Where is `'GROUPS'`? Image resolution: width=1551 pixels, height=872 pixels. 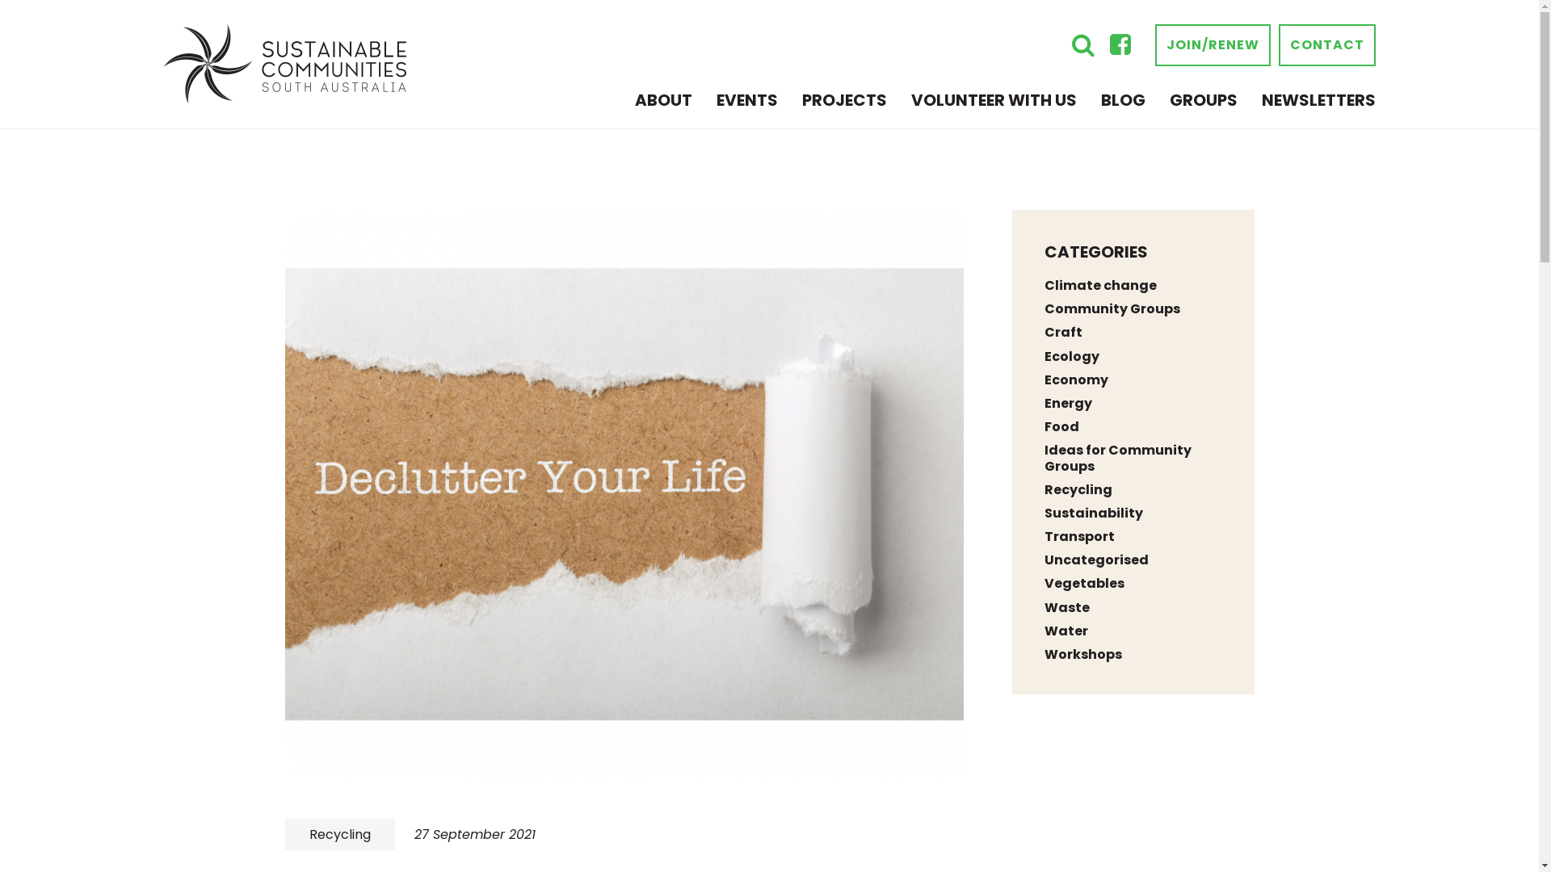
'GROUPS' is located at coordinates (1203, 99).